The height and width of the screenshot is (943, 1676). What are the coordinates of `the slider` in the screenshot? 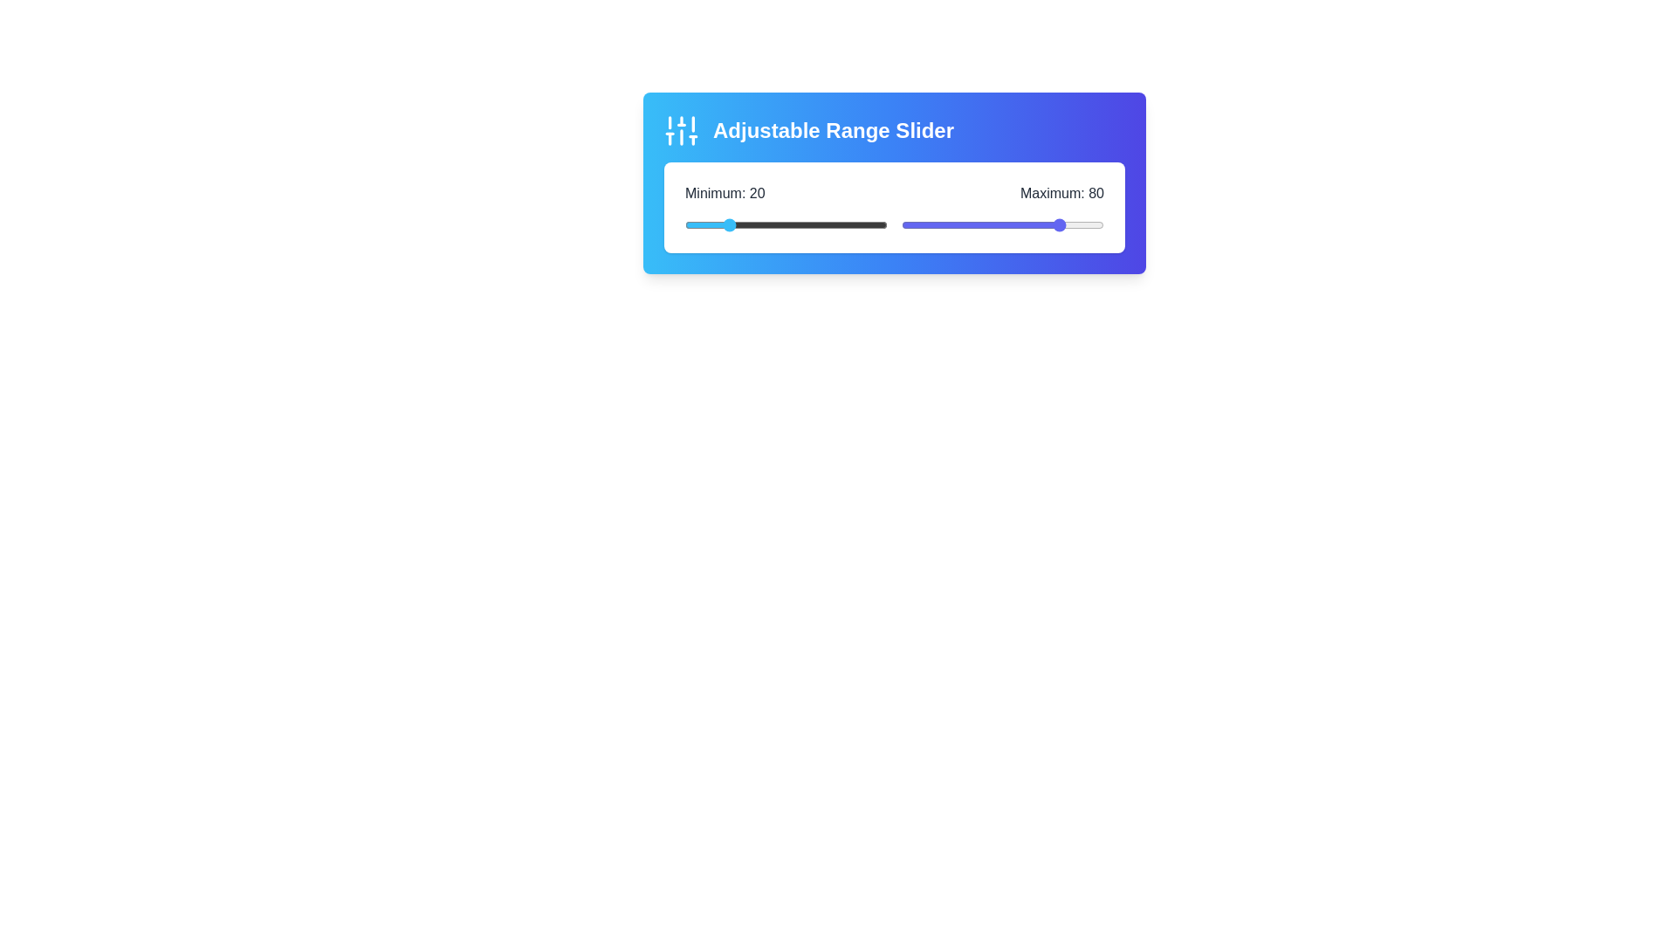 It's located at (988, 224).